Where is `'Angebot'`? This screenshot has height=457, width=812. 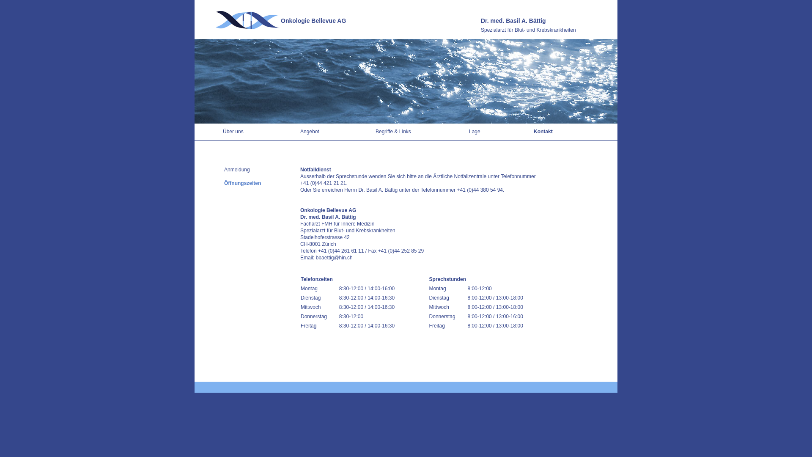 'Angebot' is located at coordinates (300, 132).